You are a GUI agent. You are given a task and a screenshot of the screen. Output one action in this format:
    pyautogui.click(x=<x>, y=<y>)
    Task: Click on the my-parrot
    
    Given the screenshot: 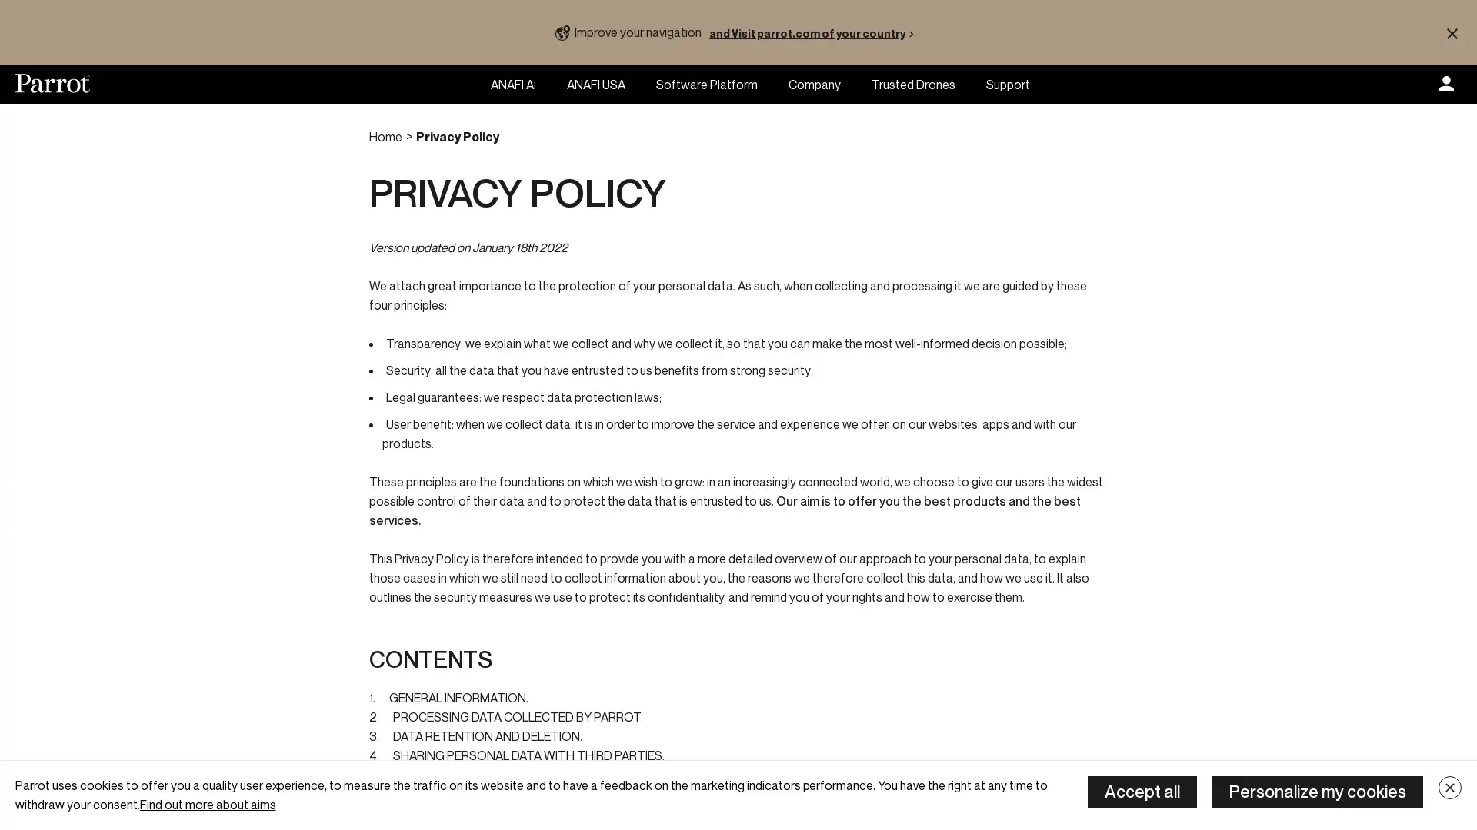 What is the action you would take?
    pyautogui.click(x=1445, y=85)
    